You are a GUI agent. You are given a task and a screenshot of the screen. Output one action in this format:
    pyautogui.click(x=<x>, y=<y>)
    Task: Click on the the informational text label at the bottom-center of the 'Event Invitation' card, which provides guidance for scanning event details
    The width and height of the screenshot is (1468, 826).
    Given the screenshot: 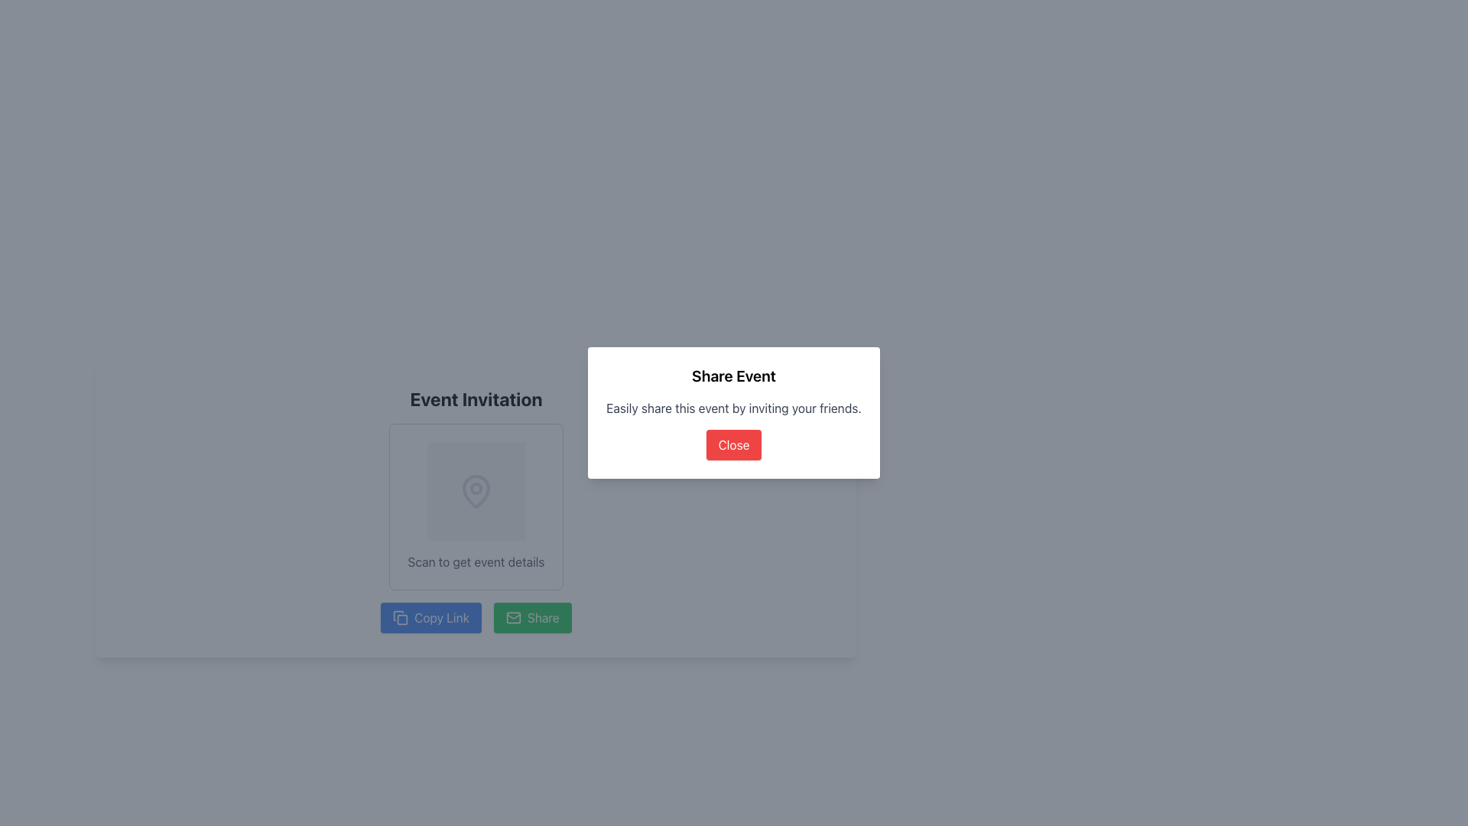 What is the action you would take?
    pyautogui.click(x=476, y=562)
    